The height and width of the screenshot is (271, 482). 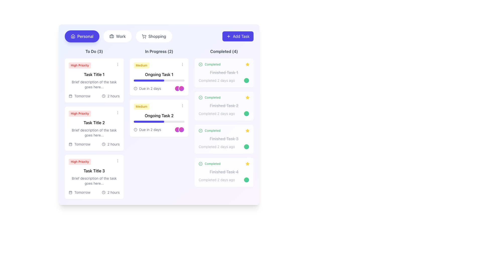 I want to click on text label displaying '2 hours', which is aligned to the right of a small clock icon in the 'To Do' column's 'Task Title 3' card, so click(x=113, y=192).